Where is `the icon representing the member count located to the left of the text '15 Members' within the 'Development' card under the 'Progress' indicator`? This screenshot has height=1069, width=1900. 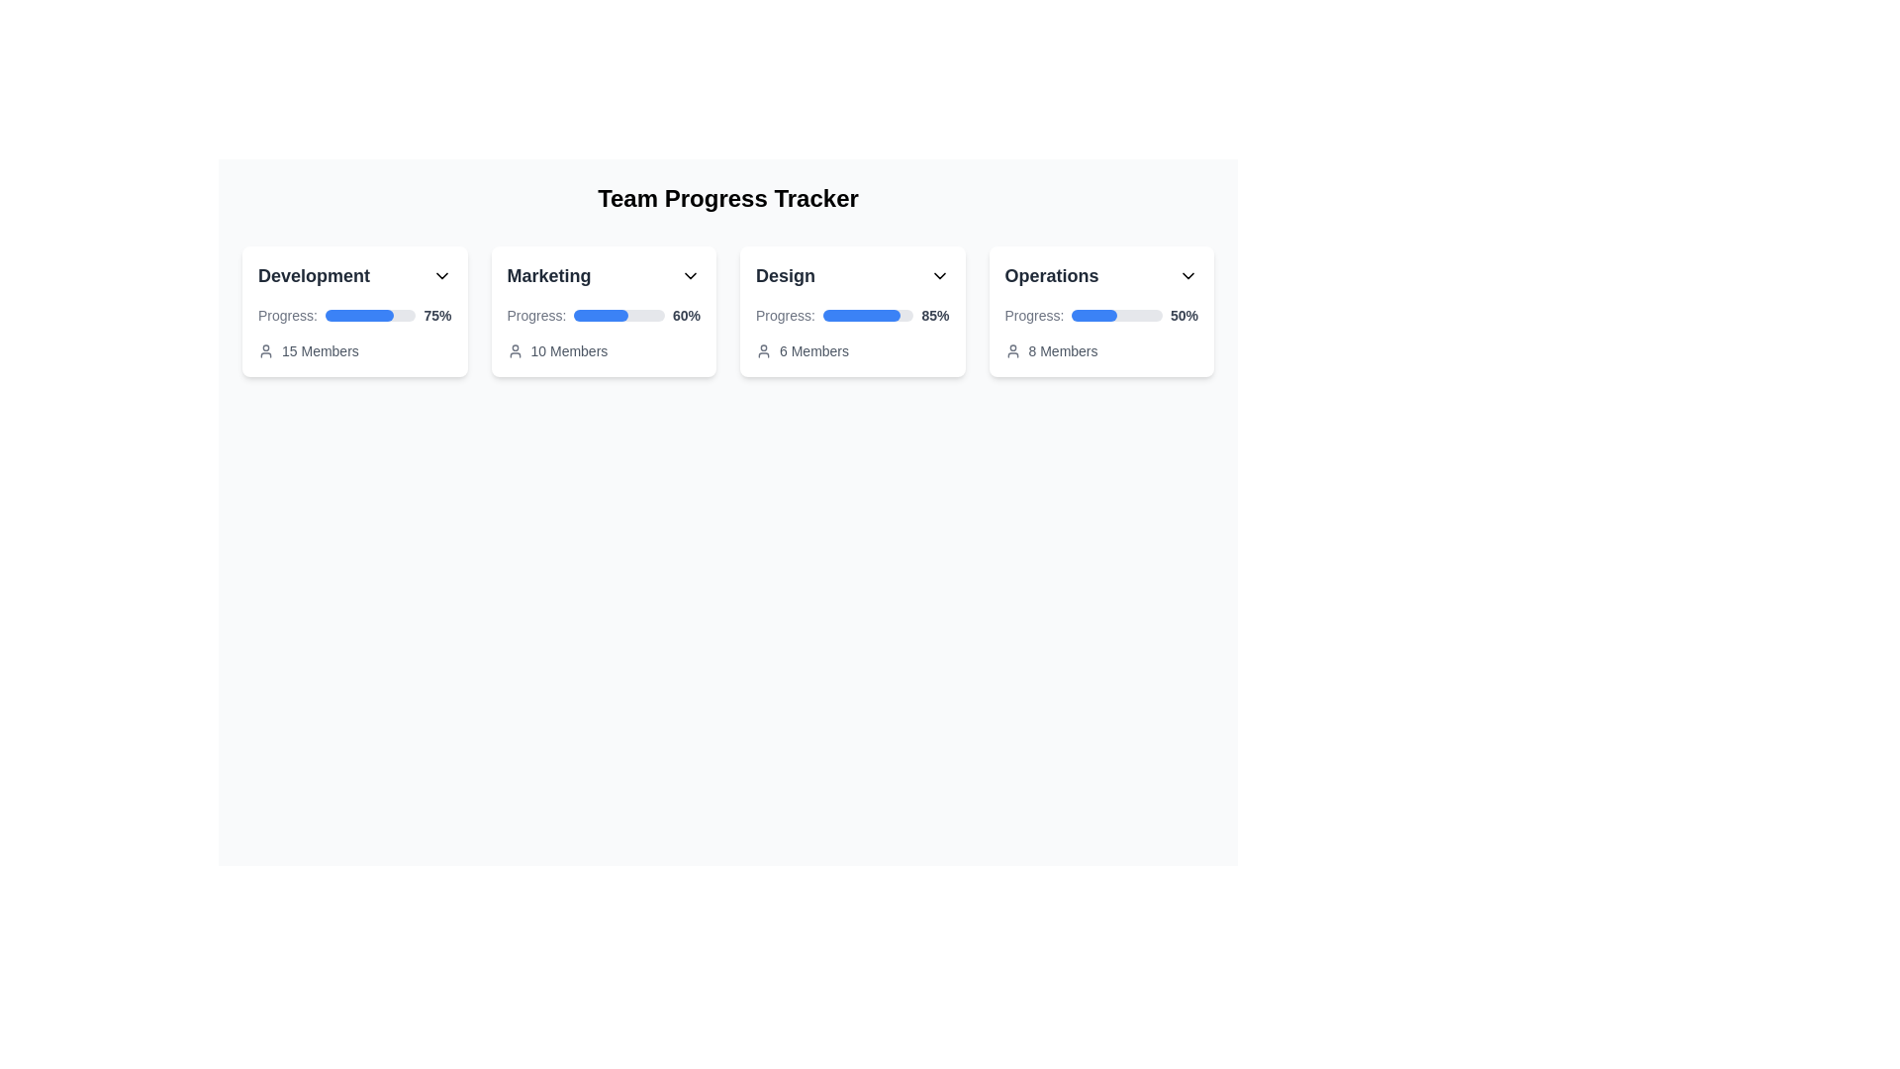 the icon representing the member count located to the left of the text '15 Members' within the 'Development' card under the 'Progress' indicator is located at coordinates (264, 349).